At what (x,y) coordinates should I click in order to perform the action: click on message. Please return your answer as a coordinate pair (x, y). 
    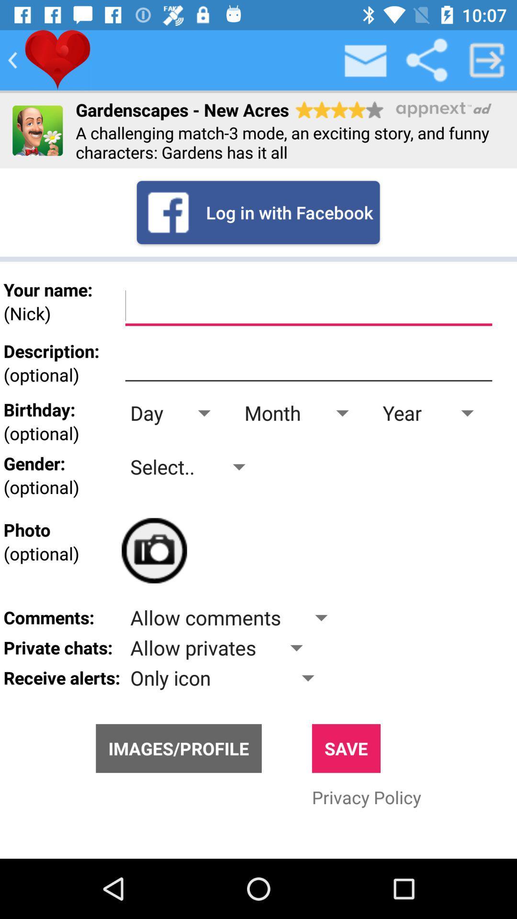
    Looking at the image, I should click on (366, 59).